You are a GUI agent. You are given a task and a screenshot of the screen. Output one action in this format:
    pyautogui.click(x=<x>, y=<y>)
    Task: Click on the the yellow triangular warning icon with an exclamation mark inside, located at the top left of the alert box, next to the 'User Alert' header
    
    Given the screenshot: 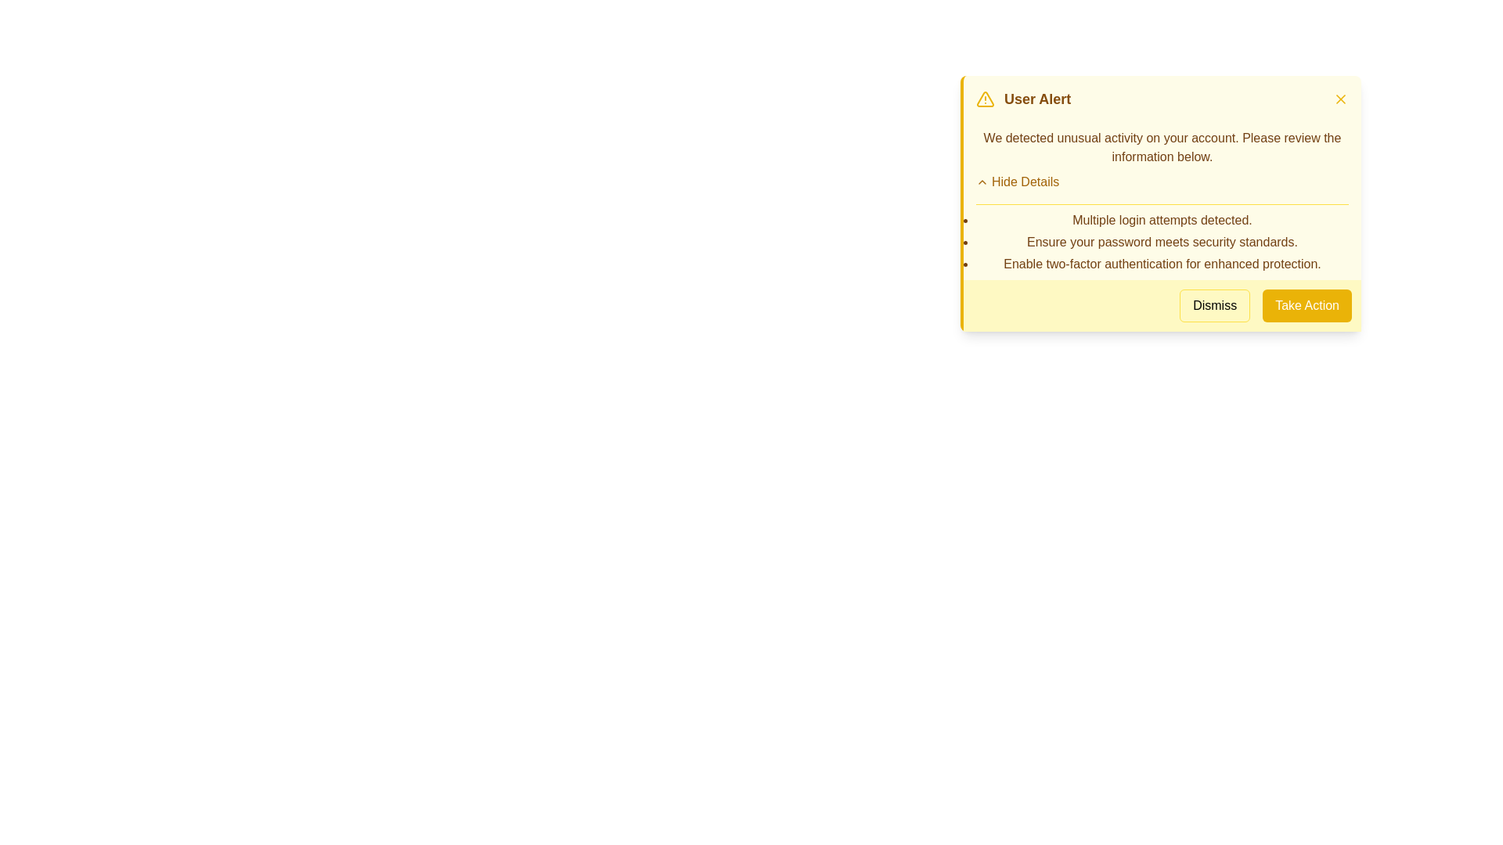 What is the action you would take?
    pyautogui.click(x=984, y=99)
    